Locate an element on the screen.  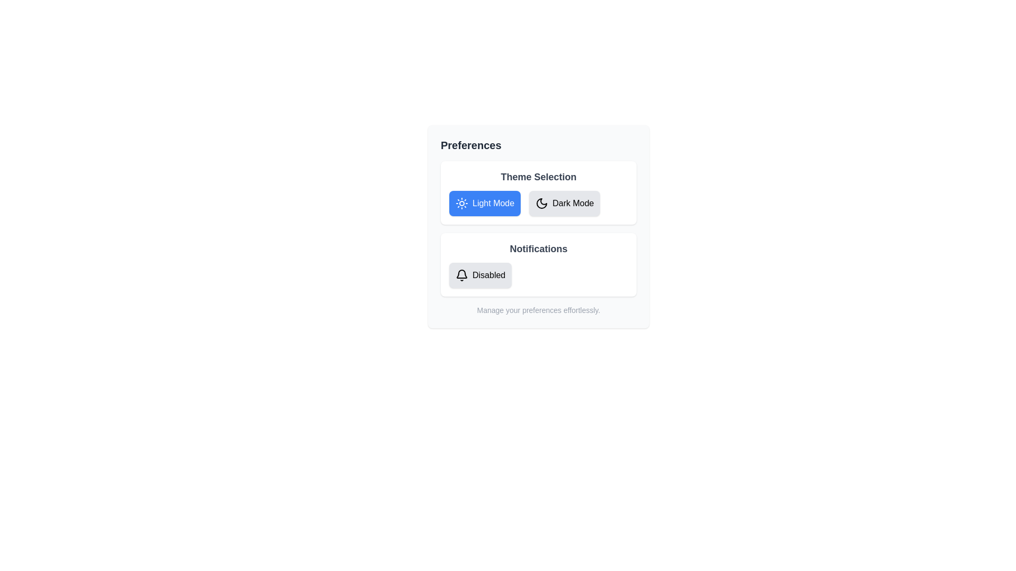
the sun icon located to the left of the 'Light Mode' button in the 'Theme Selection' section of the 'Preferences' panel is located at coordinates (462, 204).